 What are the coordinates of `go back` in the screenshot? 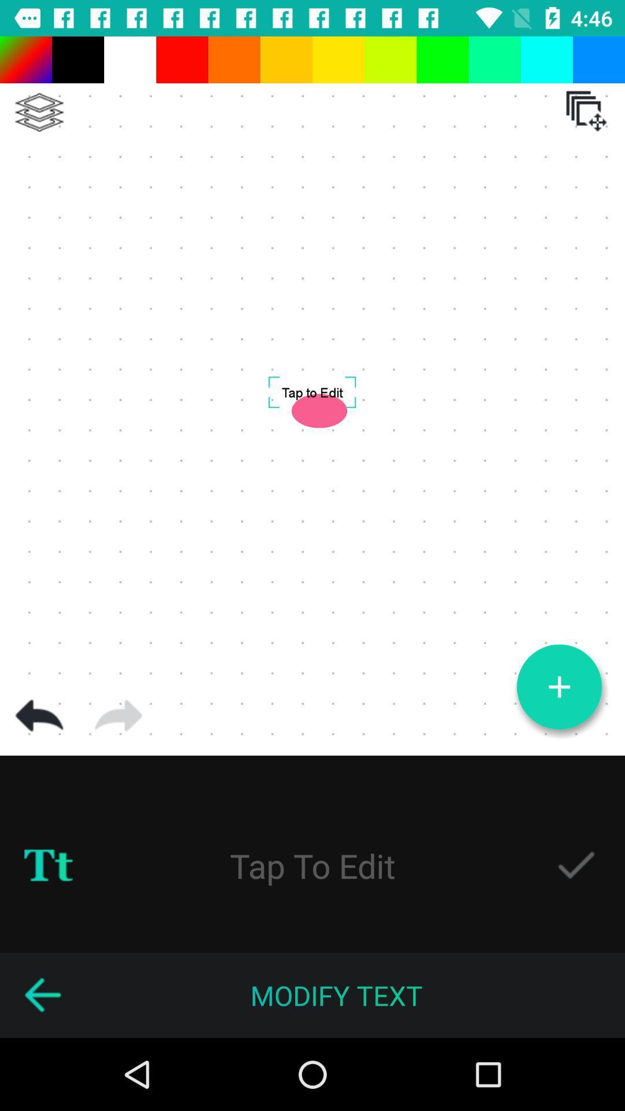 It's located at (39, 715).